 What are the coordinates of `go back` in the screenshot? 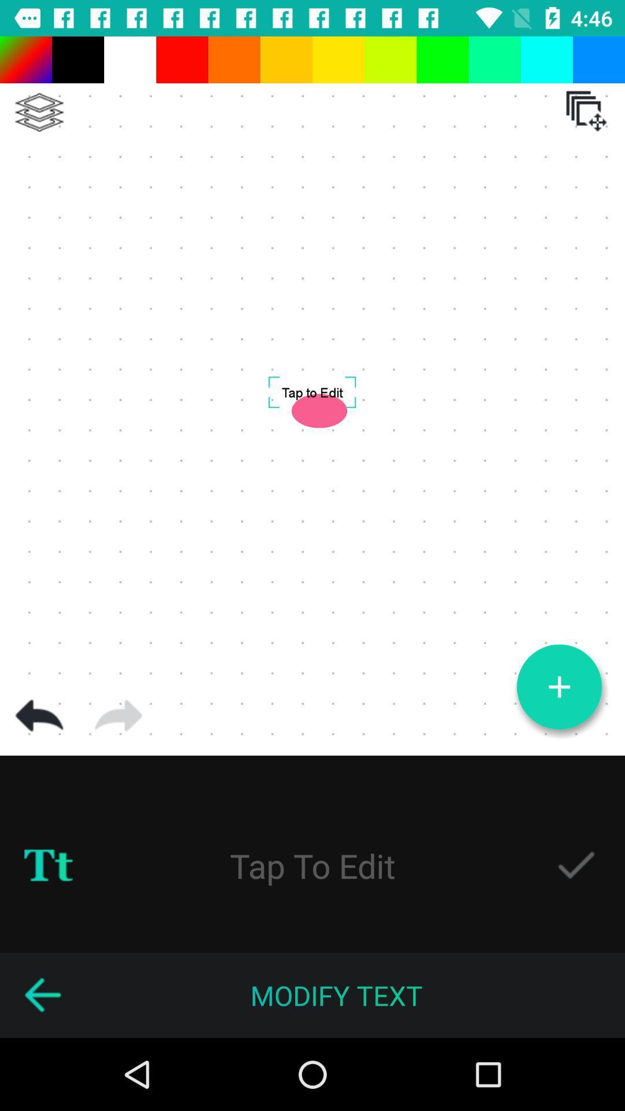 It's located at (39, 715).